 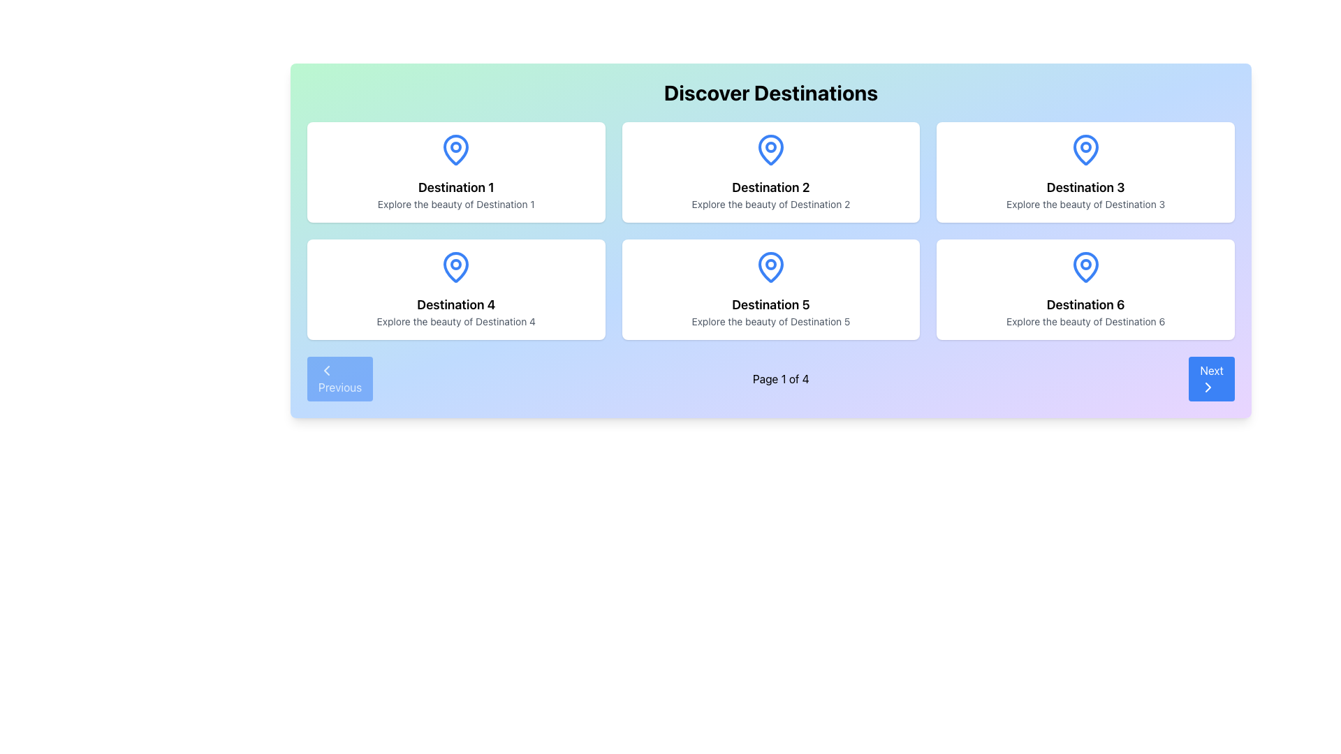 What do you see at coordinates (770, 150) in the screenshot?
I see `the location pin icon above the 'Destination 2' text label in the second column of the first row of destination cards` at bounding box center [770, 150].